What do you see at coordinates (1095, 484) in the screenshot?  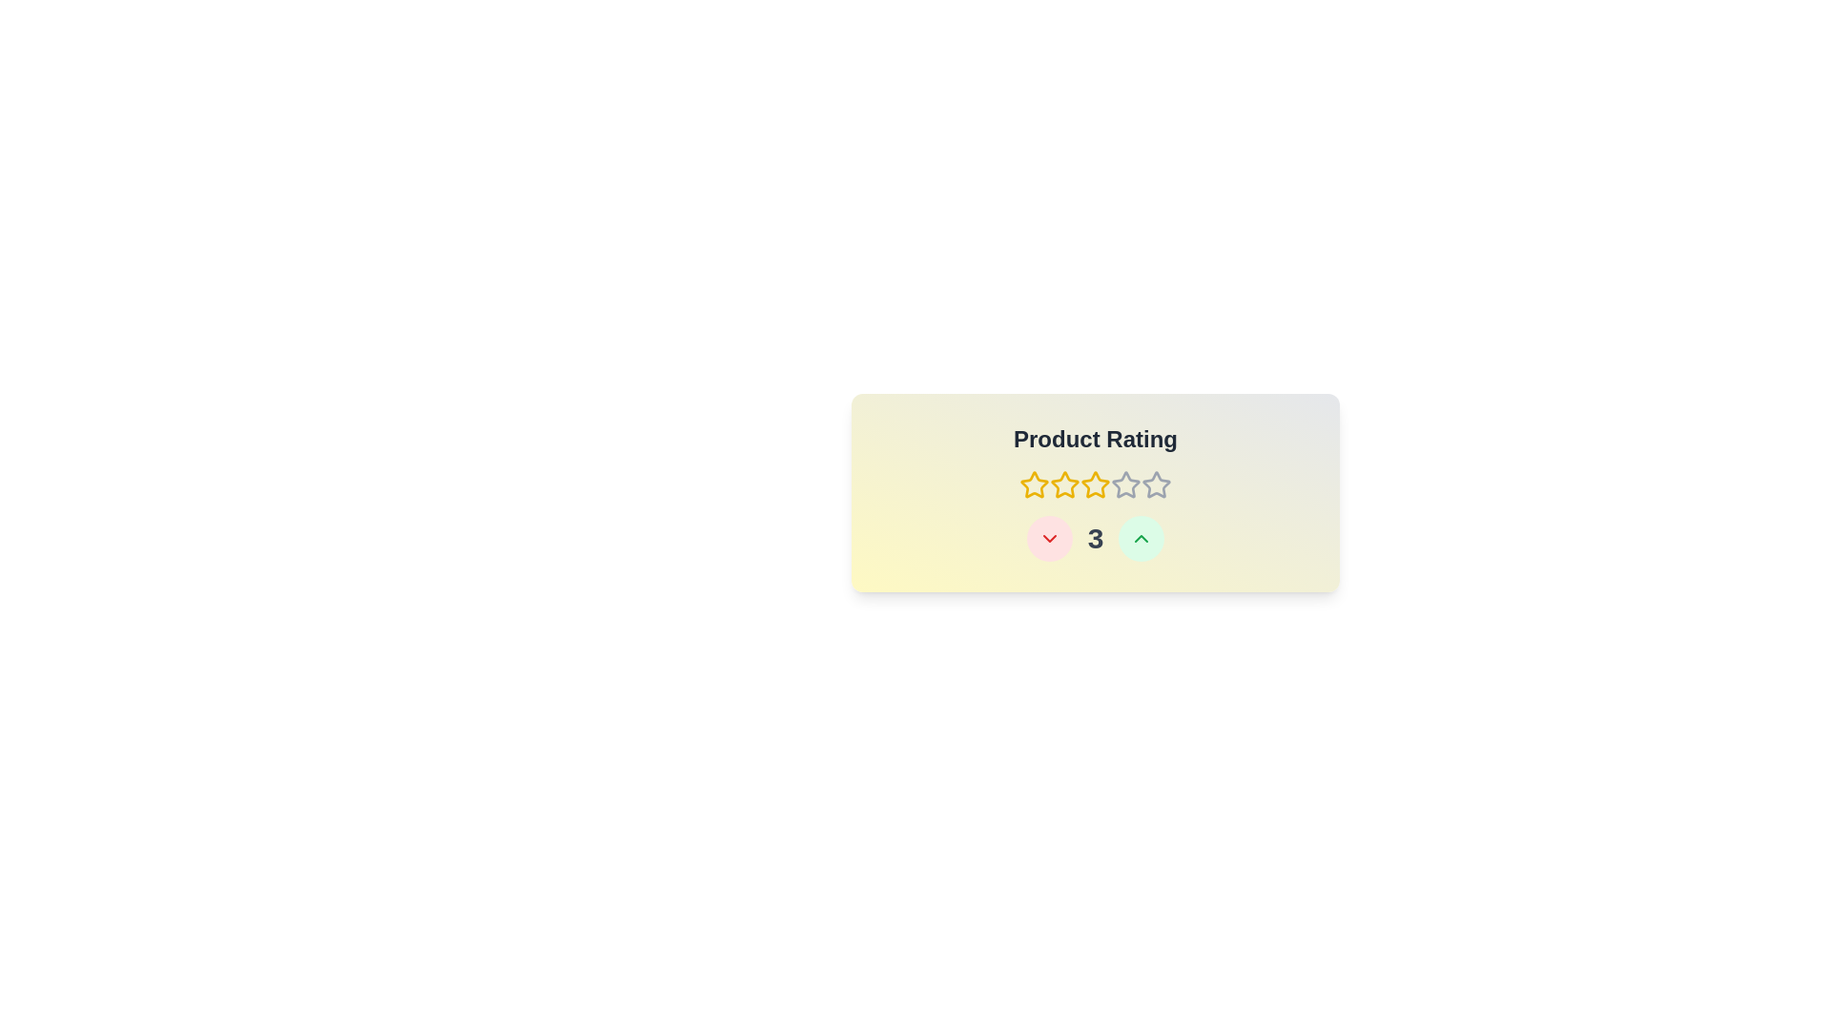 I see `the third star icon in the product rating section, which is visually represented as part of a horizontal arrangement of five stars below the title 'Product Rating'` at bounding box center [1095, 484].